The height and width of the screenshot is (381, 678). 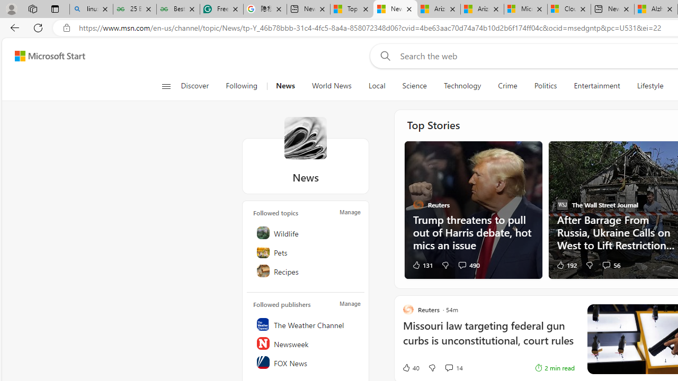 What do you see at coordinates (134, 9) in the screenshot?
I see `'25 Basic Linux Commands For Beginners - GeeksforGeeks'` at bounding box center [134, 9].